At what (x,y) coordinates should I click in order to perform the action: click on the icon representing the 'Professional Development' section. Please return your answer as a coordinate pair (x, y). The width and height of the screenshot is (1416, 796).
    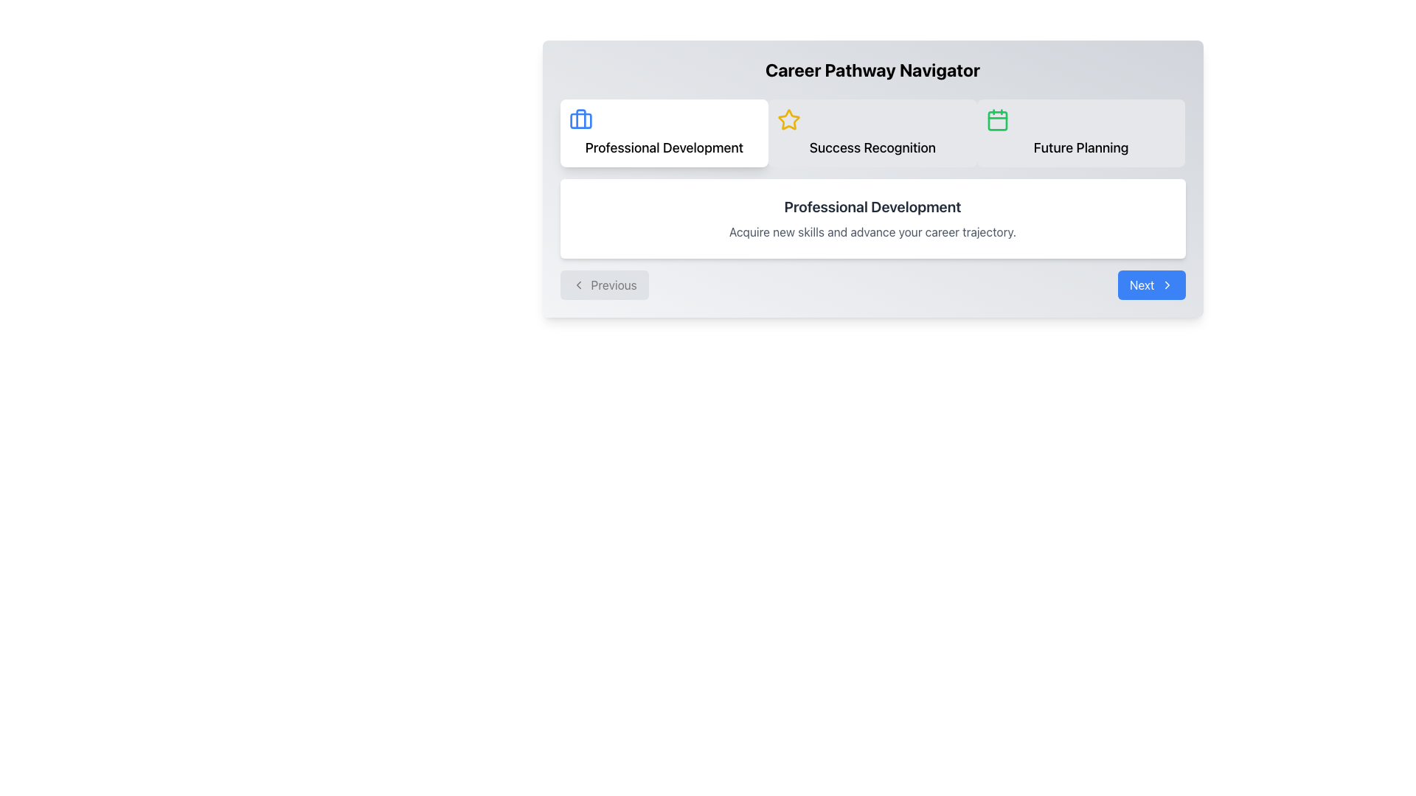
    Looking at the image, I should click on (580, 119).